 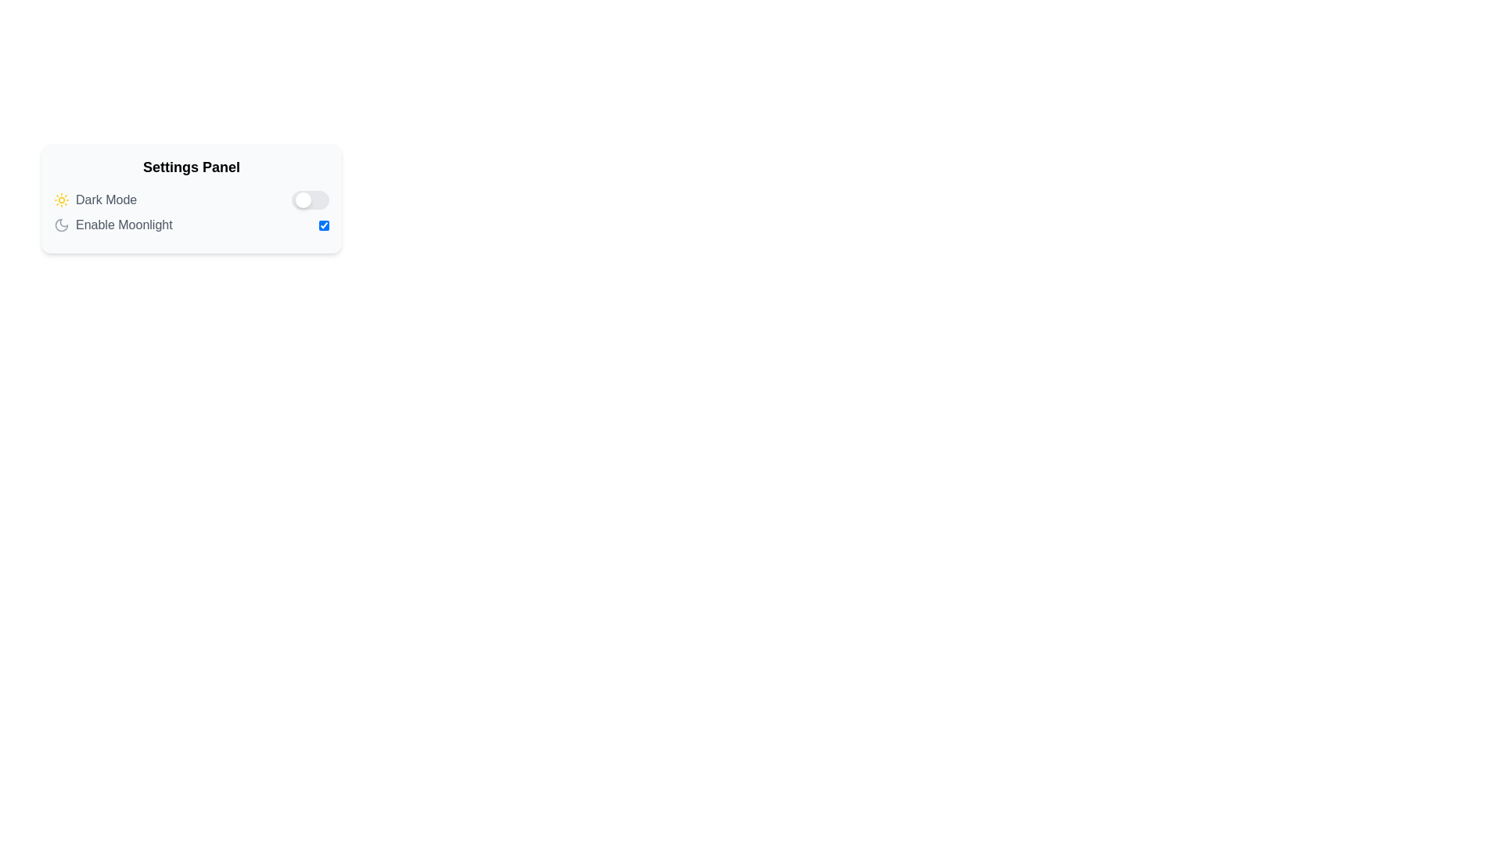 What do you see at coordinates (190, 198) in the screenshot?
I see `the settings panel checkbox to check or uncheck the dark mode or moonlight feature option` at bounding box center [190, 198].